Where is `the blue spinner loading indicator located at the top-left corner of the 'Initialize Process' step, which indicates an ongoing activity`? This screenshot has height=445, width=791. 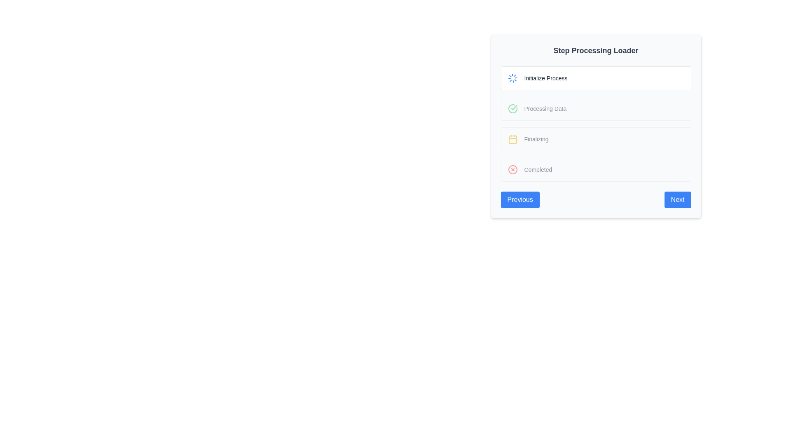
the blue spinner loading indicator located at the top-left corner of the 'Initialize Process' step, which indicates an ongoing activity is located at coordinates (512, 78).